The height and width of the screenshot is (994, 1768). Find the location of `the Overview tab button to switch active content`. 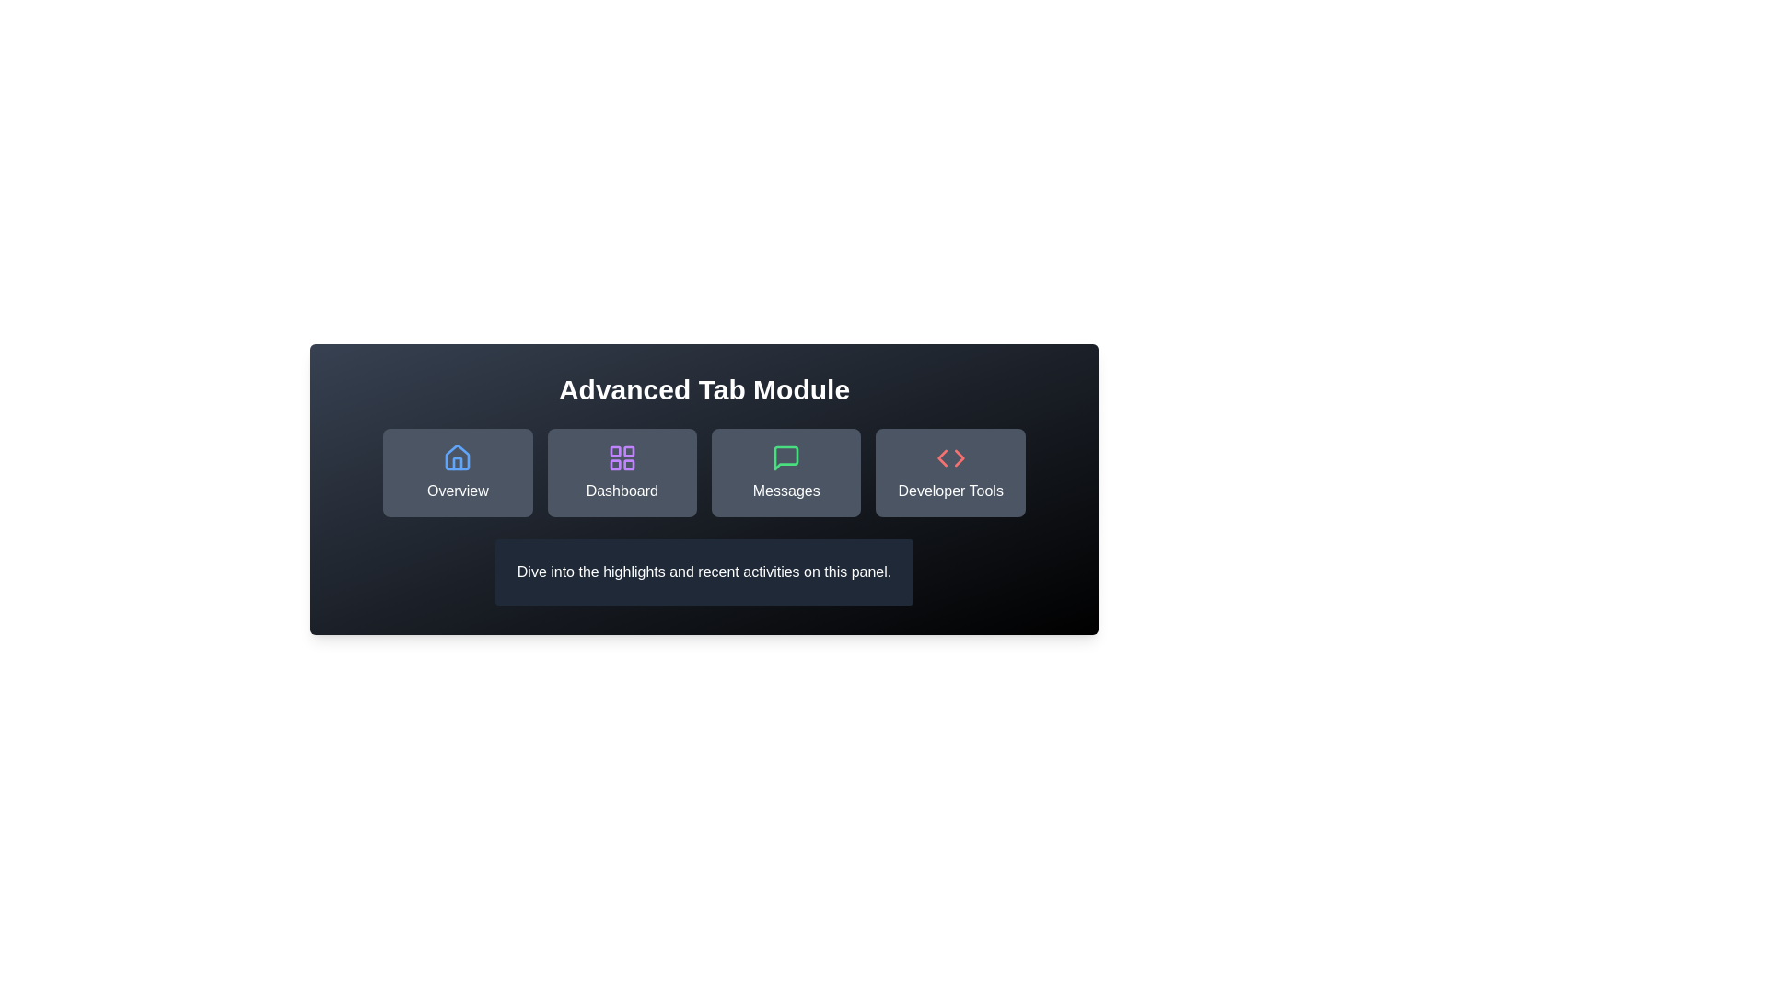

the Overview tab button to switch active content is located at coordinates (458, 471).